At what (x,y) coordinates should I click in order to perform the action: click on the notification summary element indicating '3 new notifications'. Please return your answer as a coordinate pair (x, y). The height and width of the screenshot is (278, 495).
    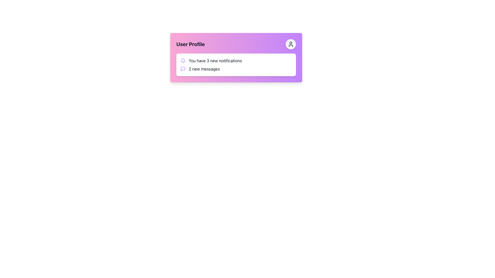
    Looking at the image, I should click on (236, 60).